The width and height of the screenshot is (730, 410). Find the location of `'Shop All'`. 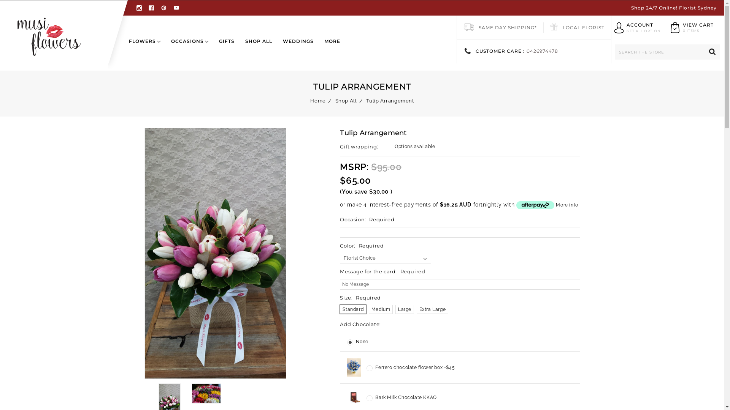

'Shop All' is located at coordinates (346, 100).